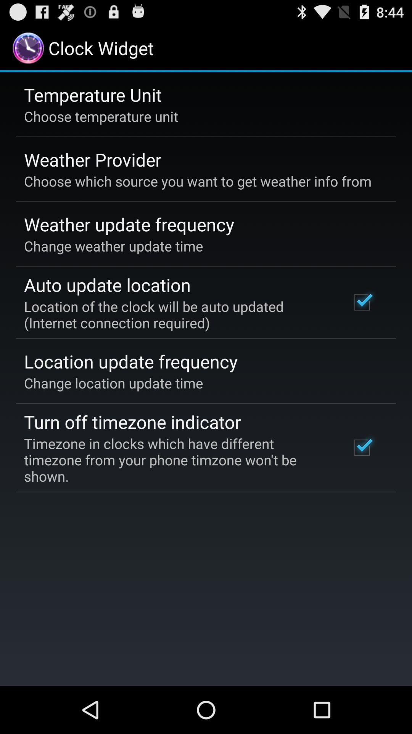 This screenshot has height=734, width=412. Describe the element at coordinates (197, 181) in the screenshot. I see `choose which source item` at that location.